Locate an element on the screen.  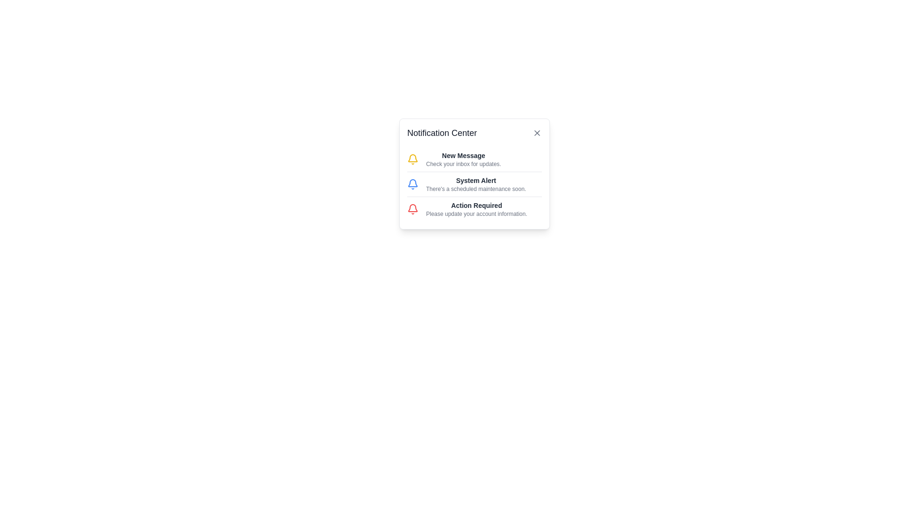
the bell-shaped notification icon styled in vibrant blue, located next to the 'System Alert' text is located at coordinates (413, 184).